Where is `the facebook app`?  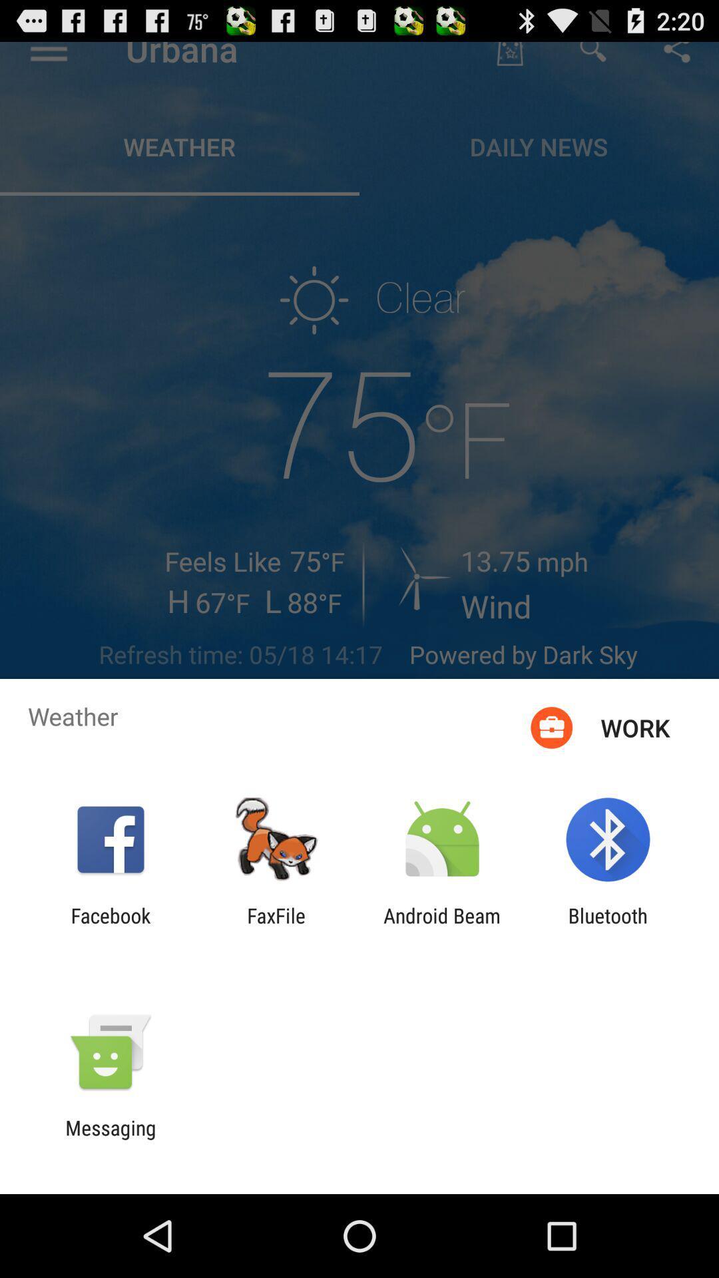 the facebook app is located at coordinates (110, 927).